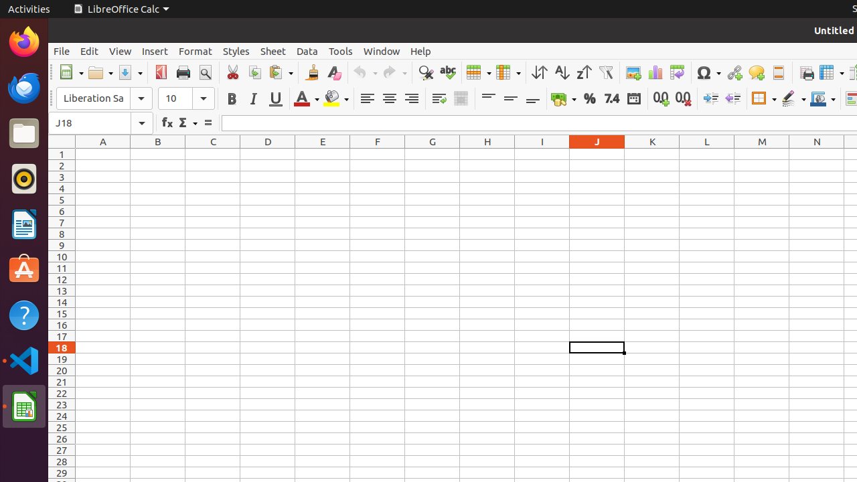  I want to click on 'Center Vertically', so click(510, 98).